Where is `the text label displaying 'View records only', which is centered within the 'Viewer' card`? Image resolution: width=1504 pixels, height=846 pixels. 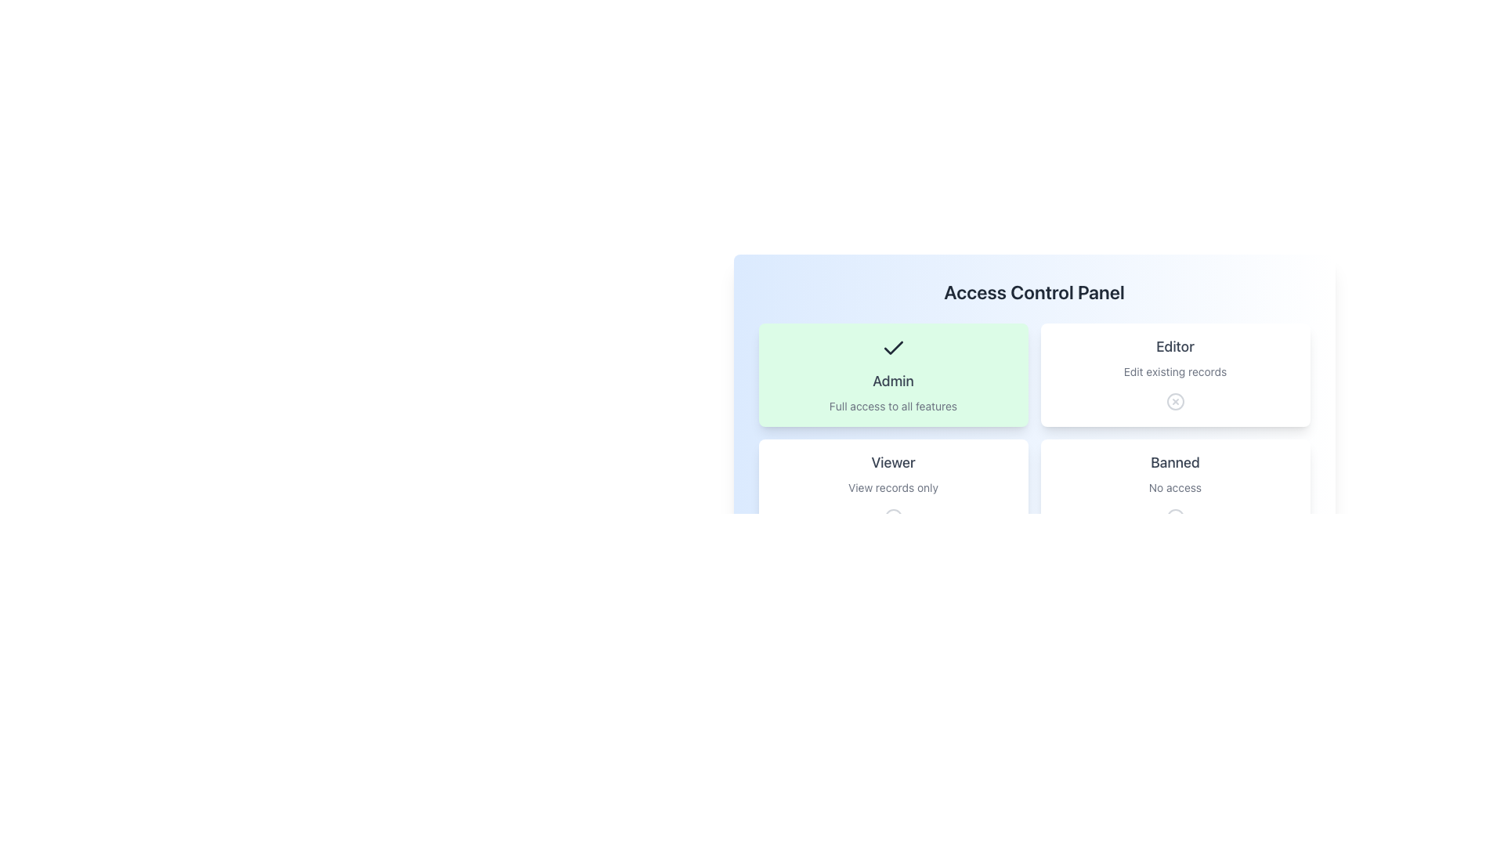
the text label displaying 'View records only', which is centered within the 'Viewer' card is located at coordinates (893, 487).